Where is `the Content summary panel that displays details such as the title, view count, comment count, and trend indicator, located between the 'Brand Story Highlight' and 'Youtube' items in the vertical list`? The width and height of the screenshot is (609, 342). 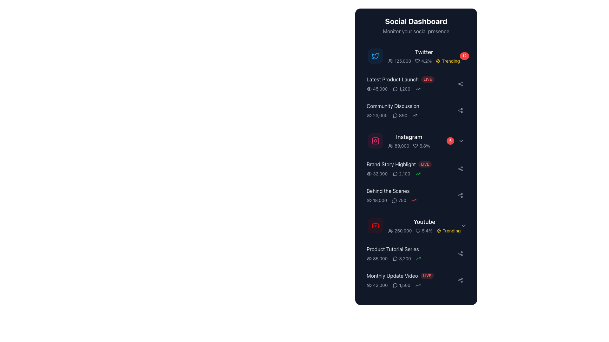
the Content summary panel that displays details such as the title, view count, comment count, and trend indicator, located between the 'Brand Story Highlight' and 'Youtube' items in the vertical list is located at coordinates (411, 195).